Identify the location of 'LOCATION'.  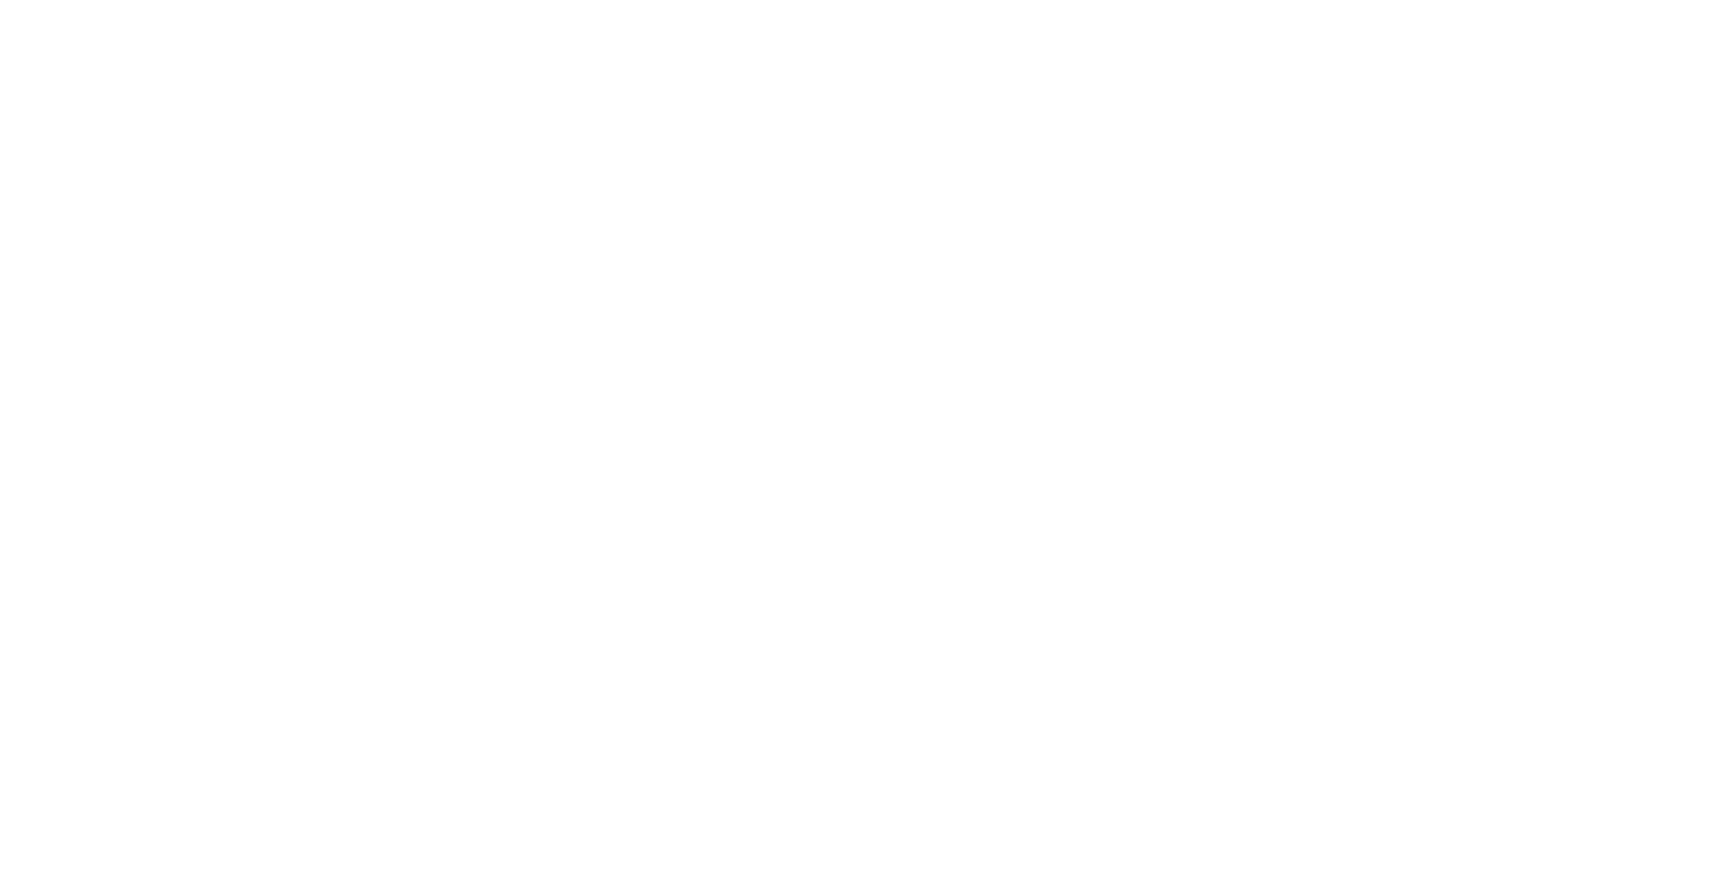
(146, 542).